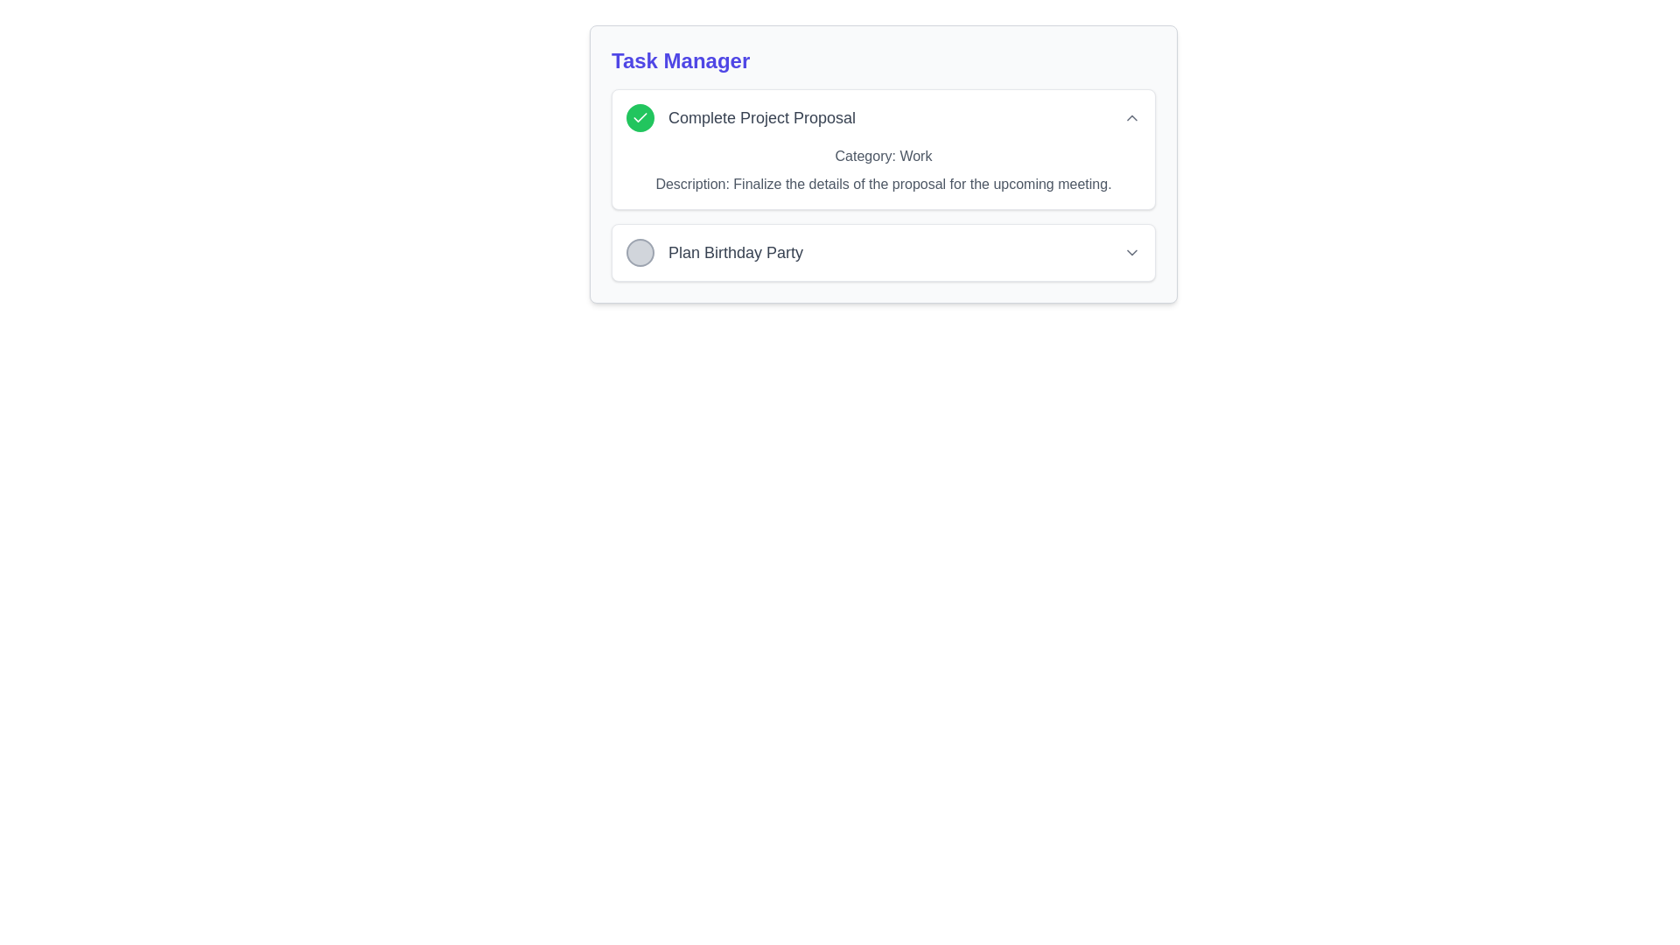 The width and height of the screenshot is (1680, 945). Describe the element at coordinates (639, 117) in the screenshot. I see `the SVG graphical element that visually represents the completion state of the task 'Complete Project Proposal', located inside the green circular icon to the left of the text` at that location.